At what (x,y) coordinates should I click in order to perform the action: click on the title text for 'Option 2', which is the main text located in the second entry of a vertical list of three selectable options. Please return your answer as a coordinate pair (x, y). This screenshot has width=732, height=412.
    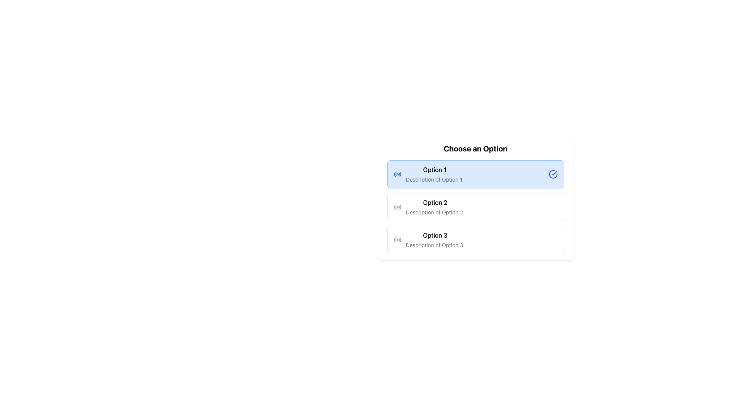
    Looking at the image, I should click on (435, 202).